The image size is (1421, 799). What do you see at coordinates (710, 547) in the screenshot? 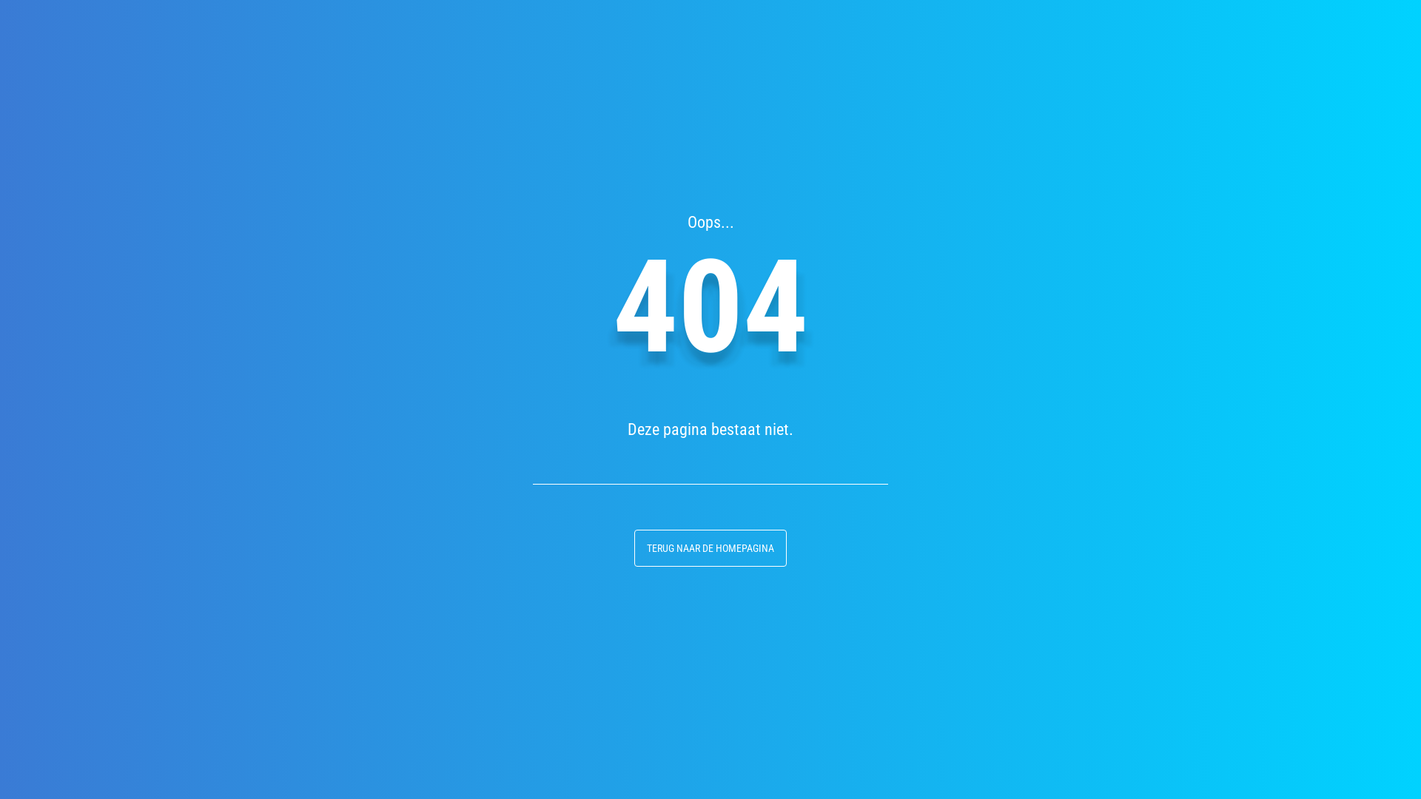
I see `'TERUG NAAR DE HOMEPAGINA'` at bounding box center [710, 547].